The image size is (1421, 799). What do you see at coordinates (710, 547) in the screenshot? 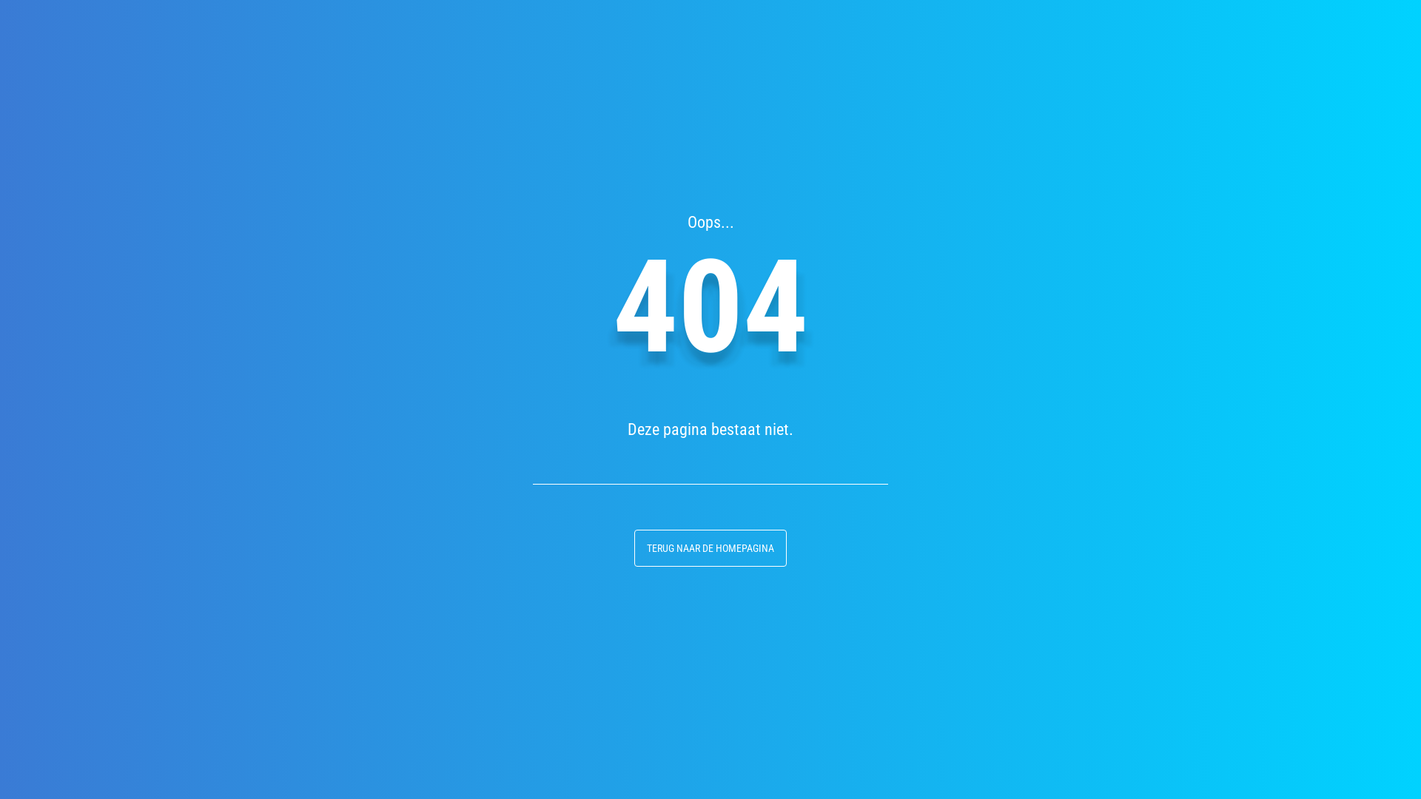
I see `'TERUG NAAR DE HOMEPAGINA'` at bounding box center [710, 547].